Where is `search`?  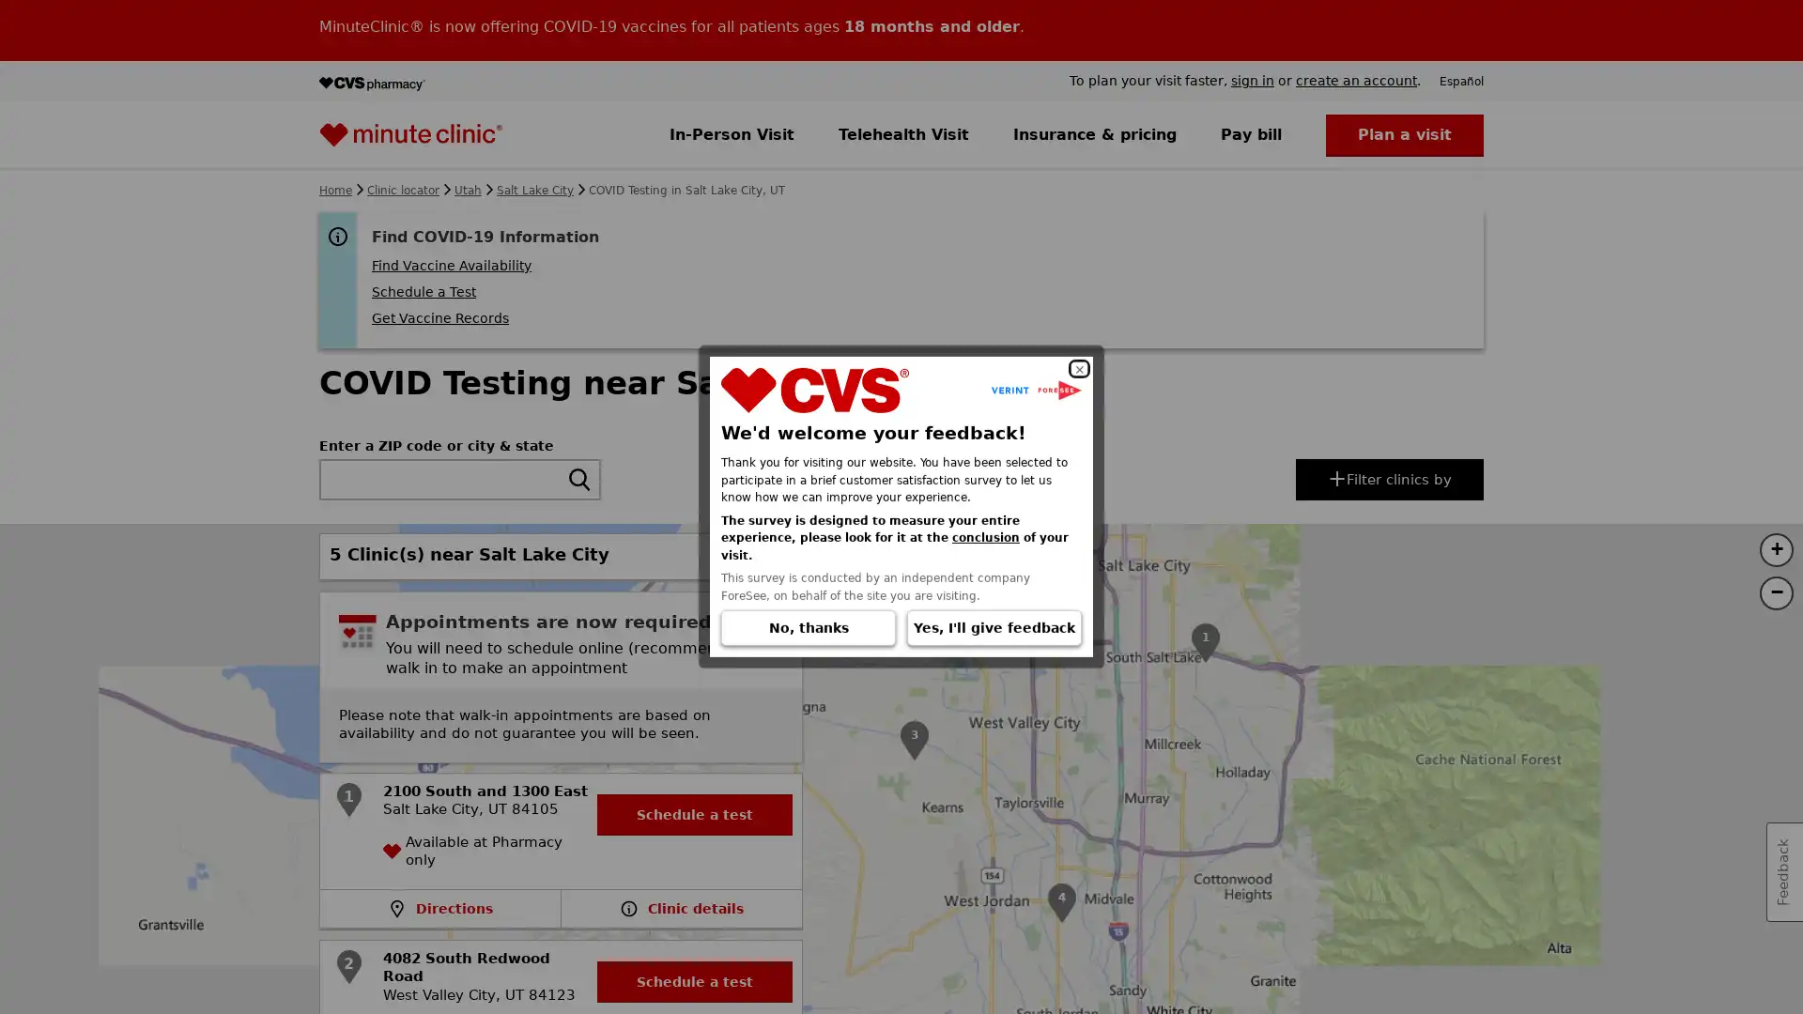 search is located at coordinates (579, 477).